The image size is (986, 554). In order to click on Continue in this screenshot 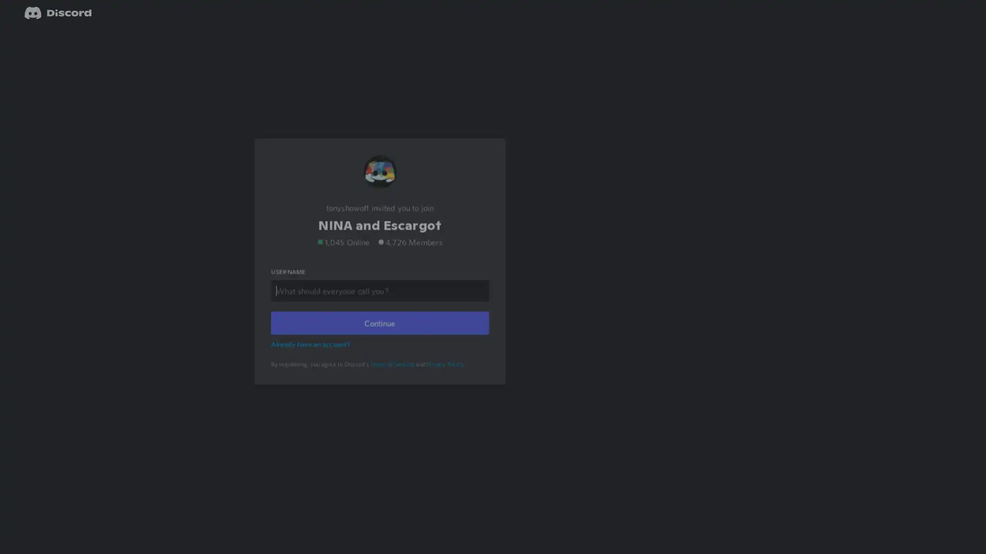, I will do `click(379, 337)`.